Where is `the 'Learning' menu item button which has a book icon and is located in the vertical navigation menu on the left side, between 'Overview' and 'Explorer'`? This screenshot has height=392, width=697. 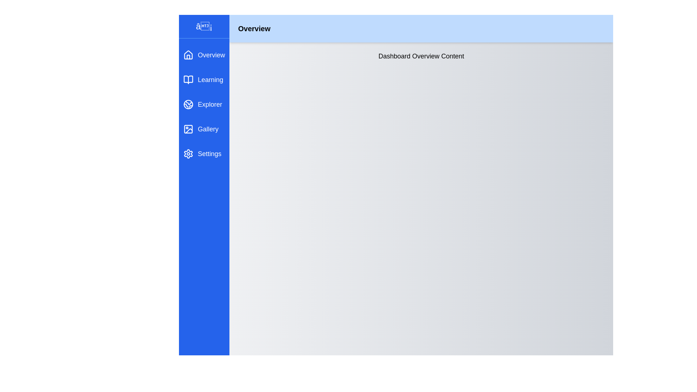 the 'Learning' menu item button which has a book icon and is located in the vertical navigation menu on the left side, between 'Overview' and 'Explorer' is located at coordinates (204, 79).